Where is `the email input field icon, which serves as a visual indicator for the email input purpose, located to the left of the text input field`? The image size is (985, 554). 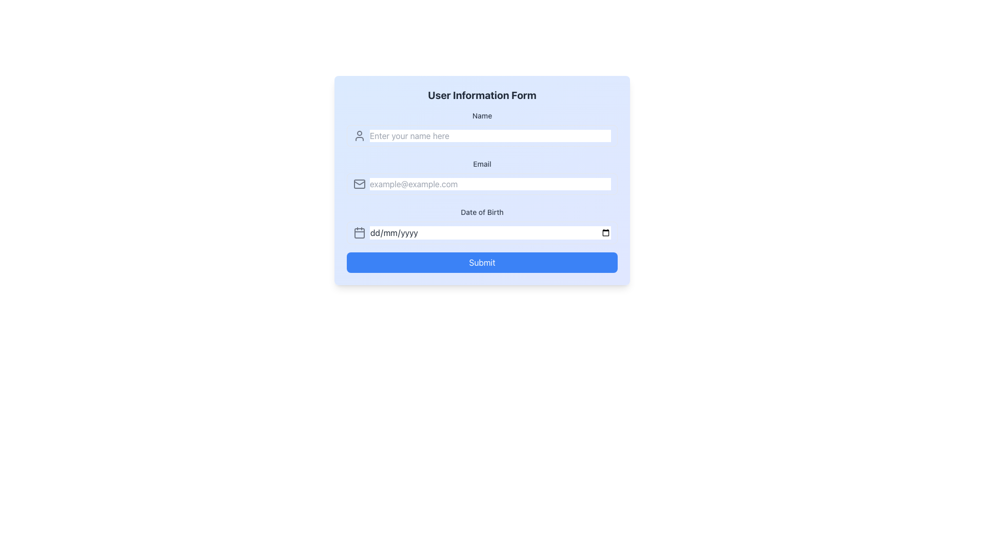
the email input field icon, which serves as a visual indicator for the email input purpose, located to the left of the text input field is located at coordinates (359, 183).